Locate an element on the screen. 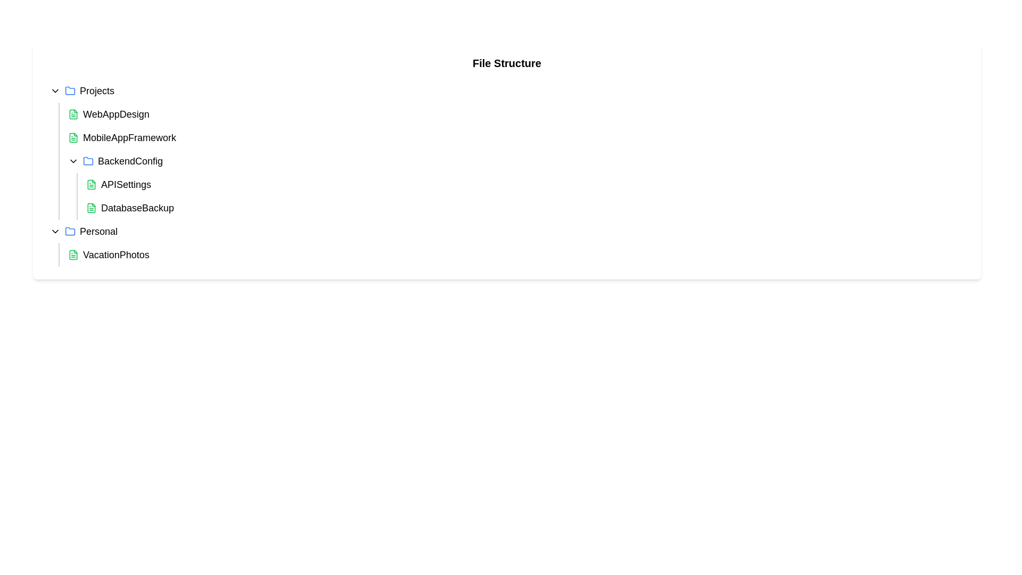 This screenshot has width=1022, height=575. the icon representing the file labeled 'MobileAppFramework' in the vertical list under the 'Projects' category is located at coordinates (73, 137).